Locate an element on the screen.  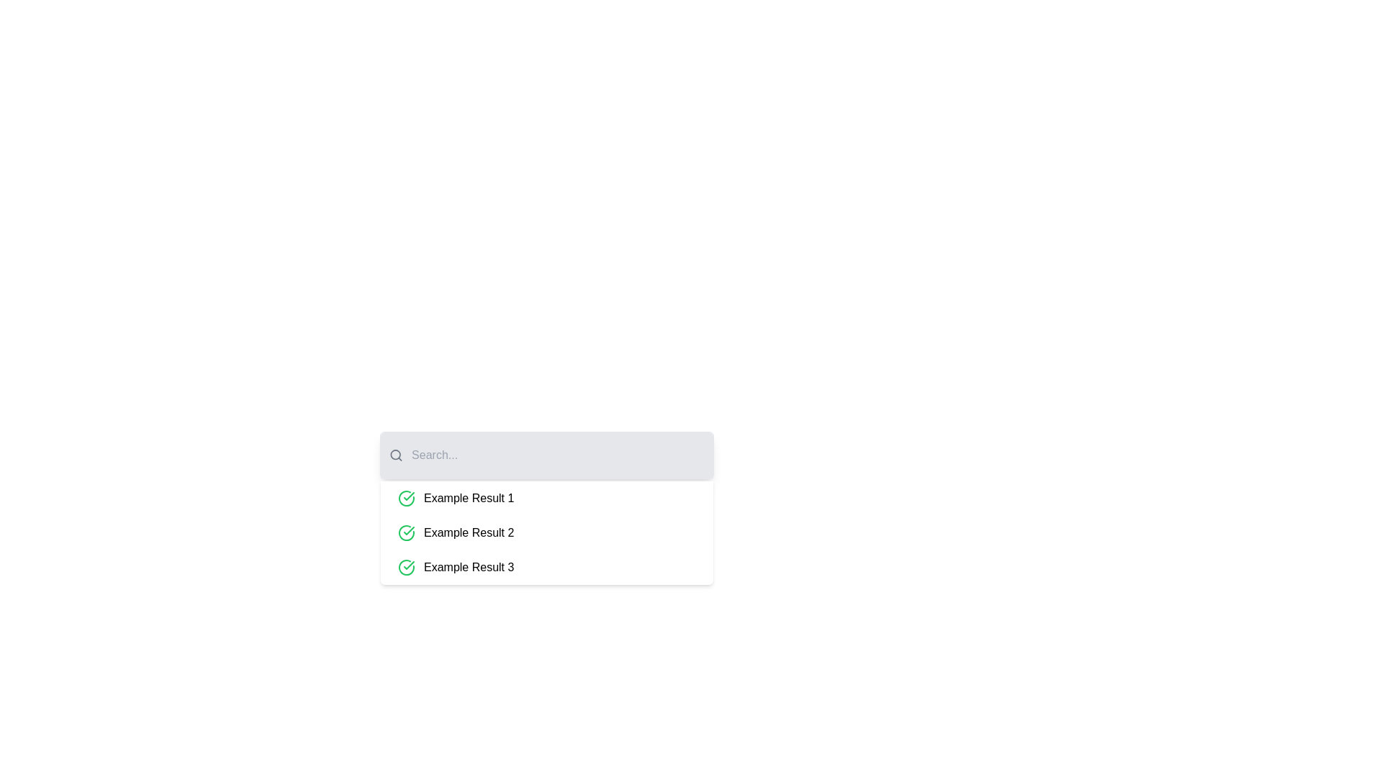
the second item in the list that represents 'Example Result 2' is located at coordinates (546, 532).